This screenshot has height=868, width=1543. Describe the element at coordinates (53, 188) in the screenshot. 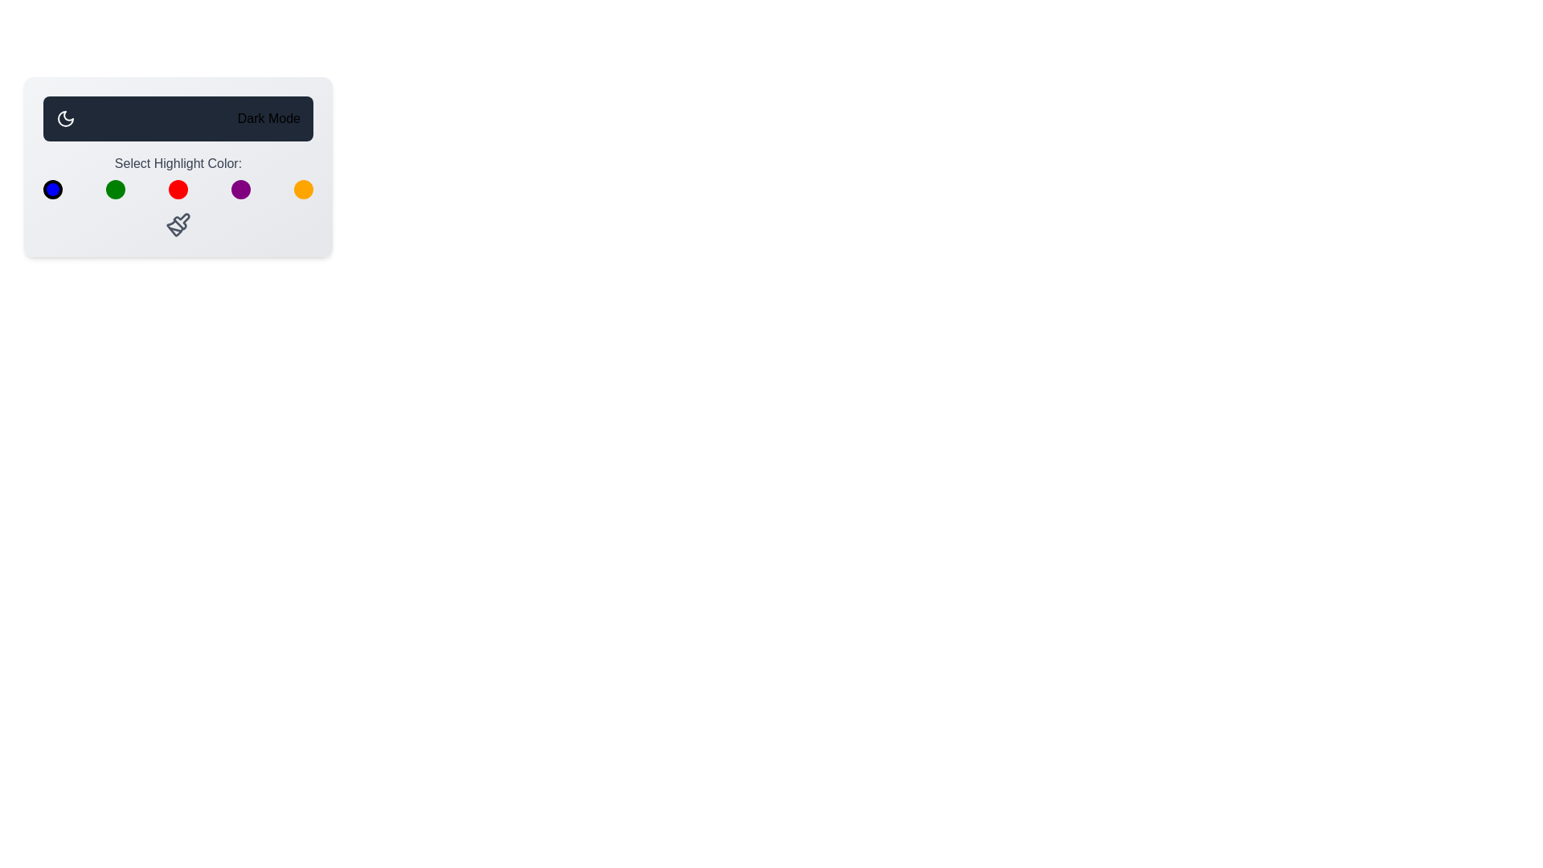

I see `the leftmost button for selecting a blue highlight color` at that location.